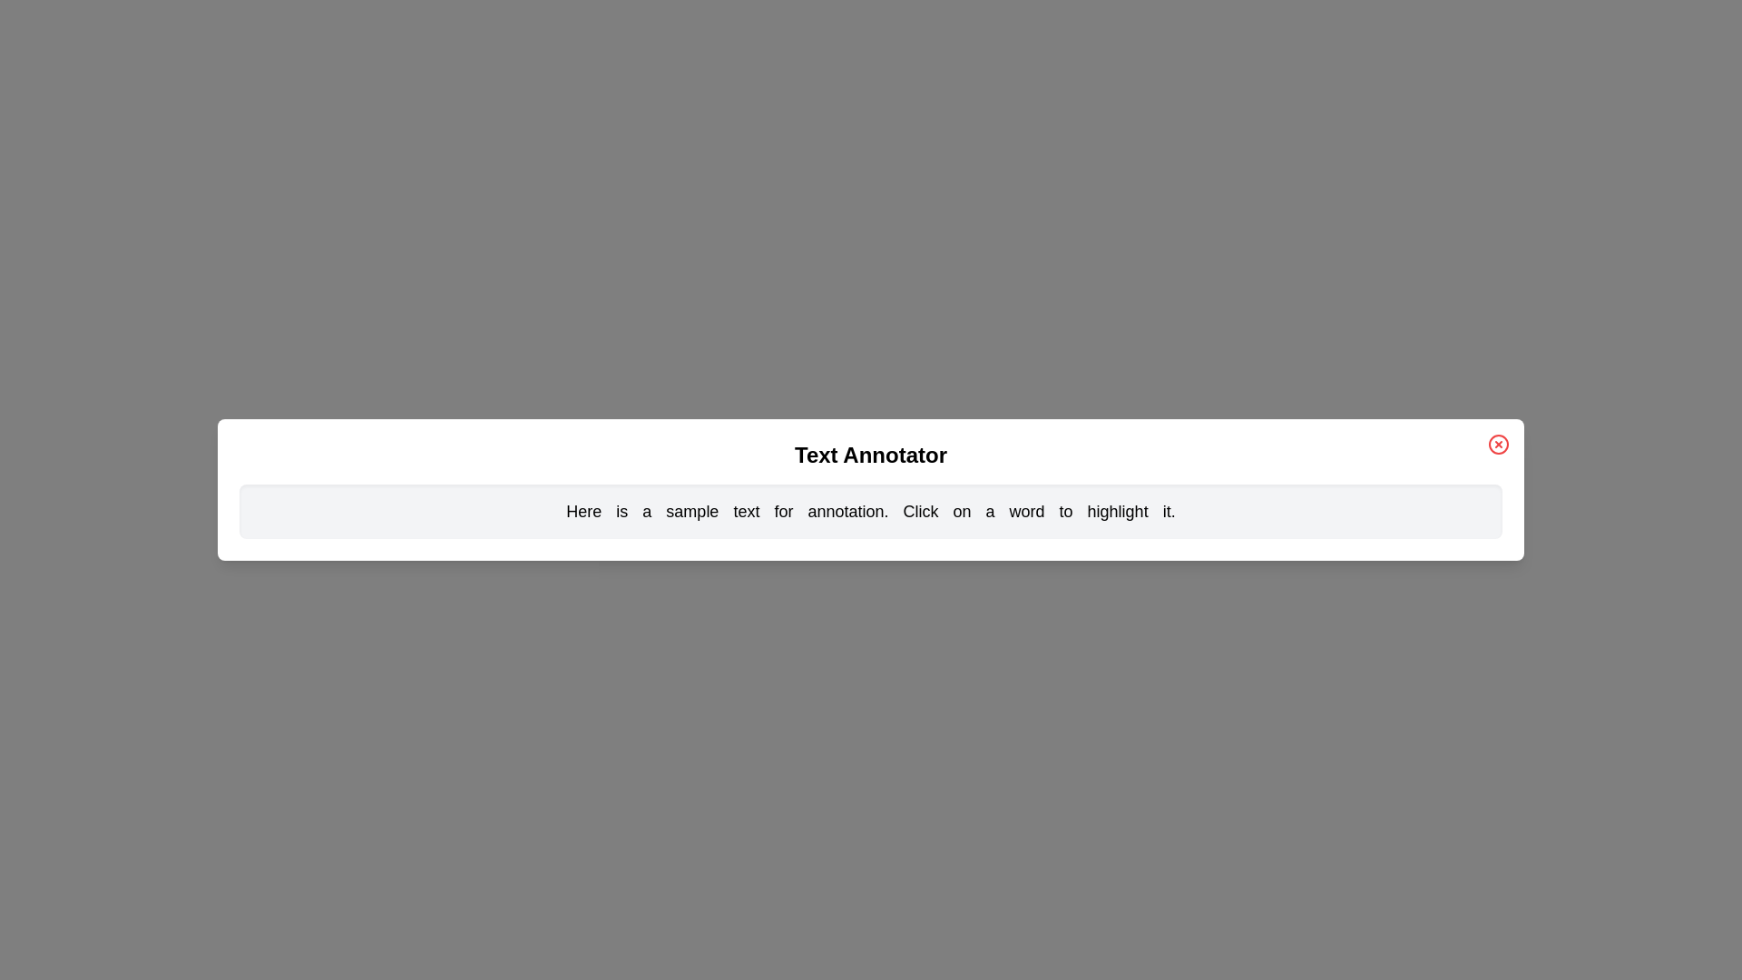 The image size is (1742, 980). I want to click on the word 'a' to toggle its highlighting, so click(989, 511).